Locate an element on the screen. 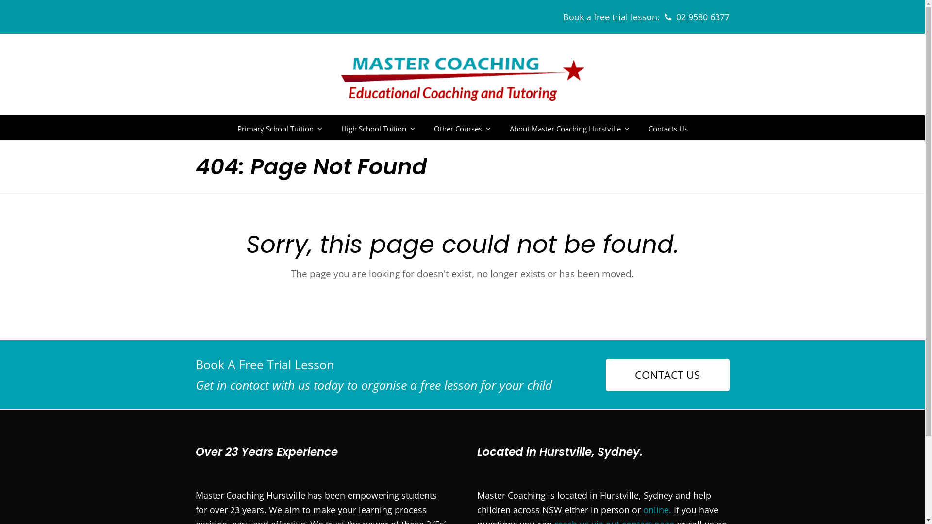  'CONTACT US' is located at coordinates (667, 374).